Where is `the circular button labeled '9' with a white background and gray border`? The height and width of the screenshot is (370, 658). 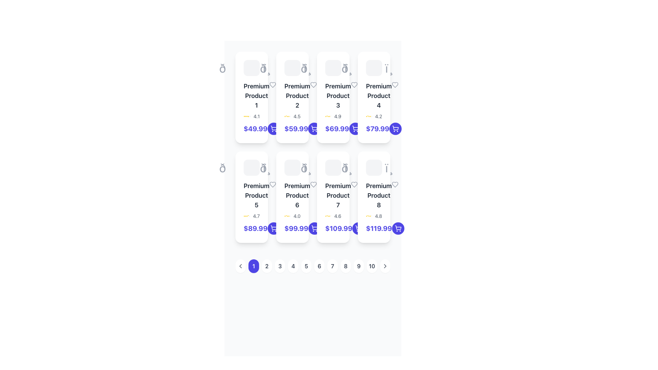 the circular button labeled '9' with a white background and gray border is located at coordinates (358, 266).